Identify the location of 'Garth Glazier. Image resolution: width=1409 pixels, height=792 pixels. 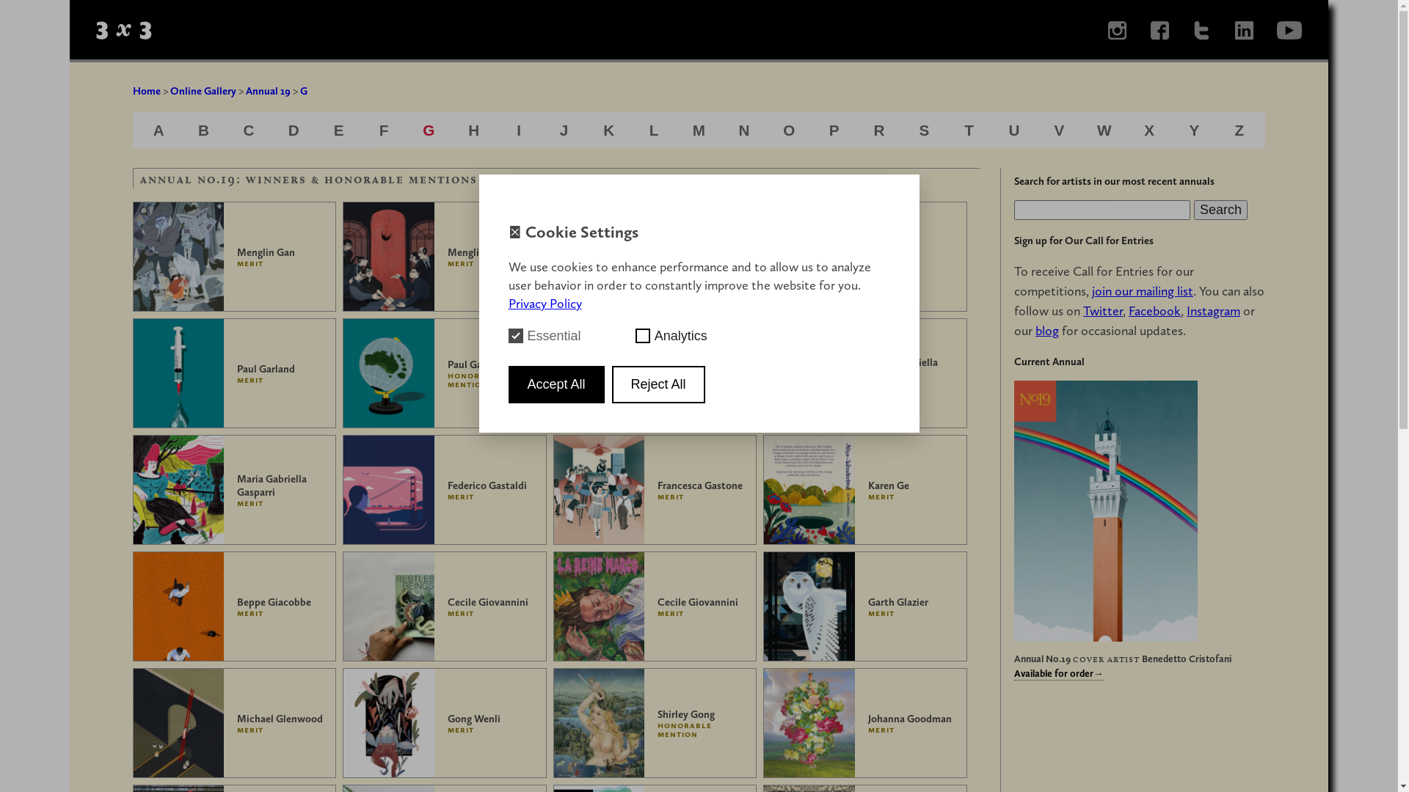
(865, 606).